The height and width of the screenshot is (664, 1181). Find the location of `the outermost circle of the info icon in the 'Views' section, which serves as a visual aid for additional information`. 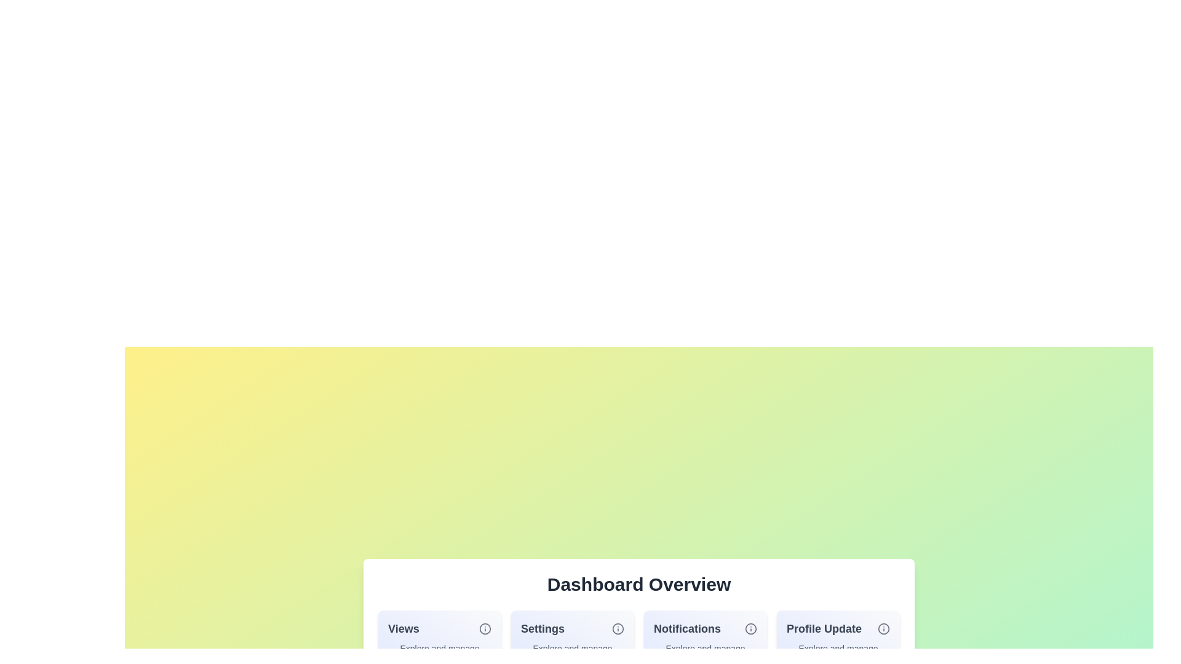

the outermost circle of the info icon in the 'Views' section, which serves as a visual aid for additional information is located at coordinates (484, 628).